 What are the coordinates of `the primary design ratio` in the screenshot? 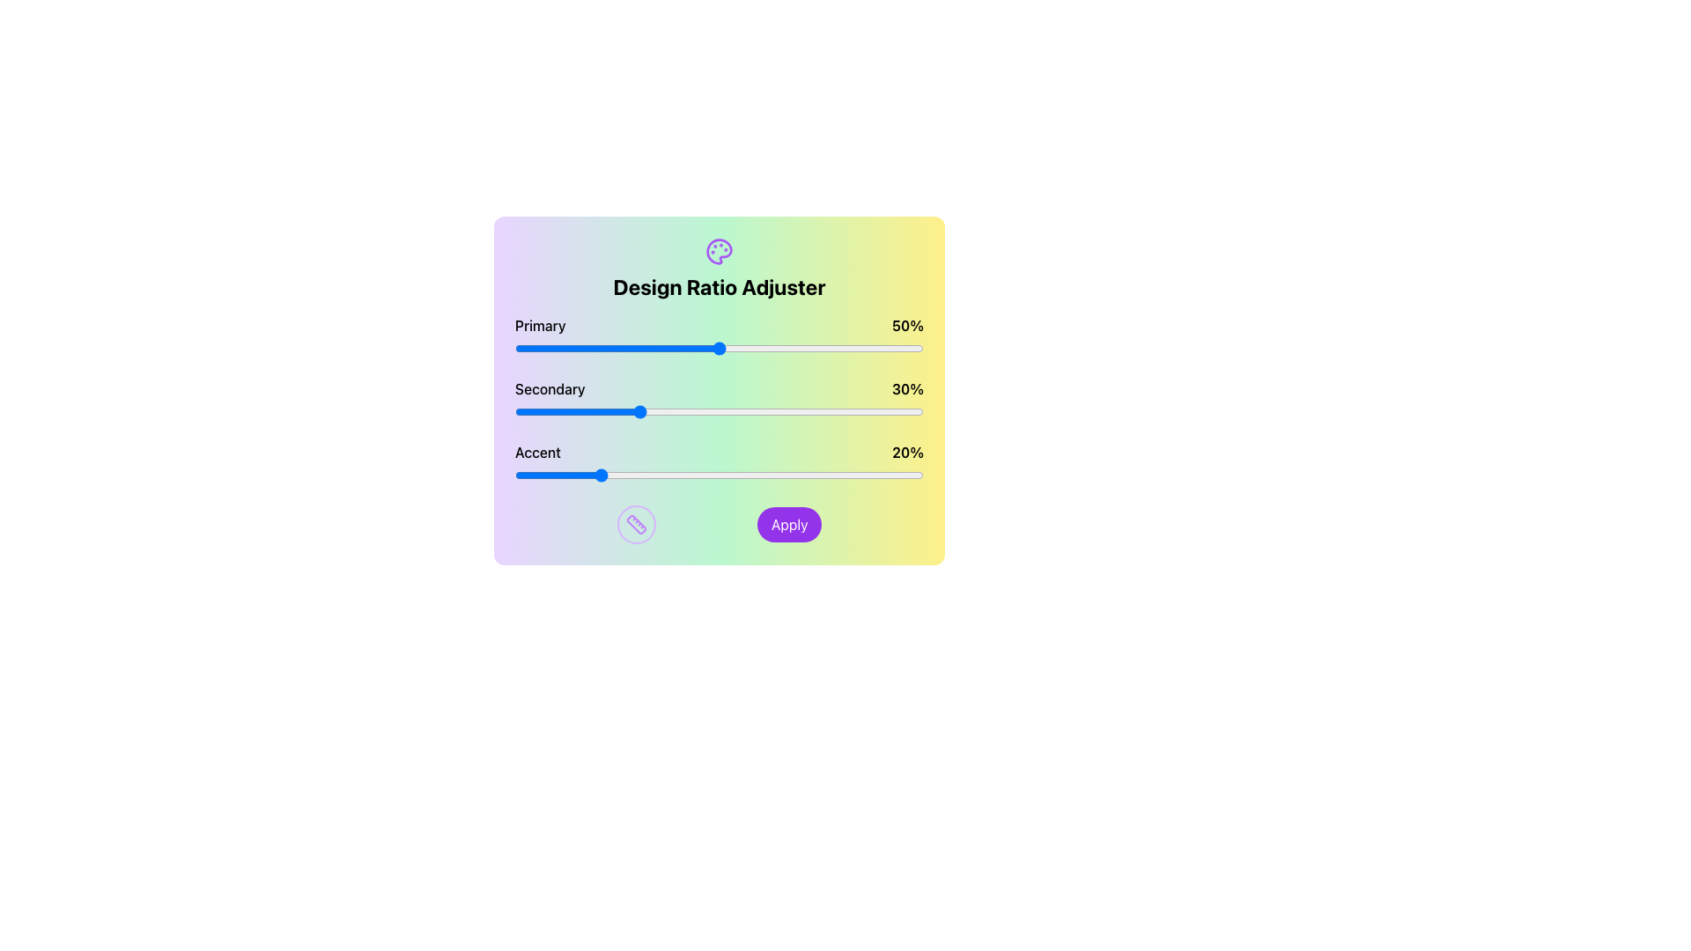 It's located at (919, 349).